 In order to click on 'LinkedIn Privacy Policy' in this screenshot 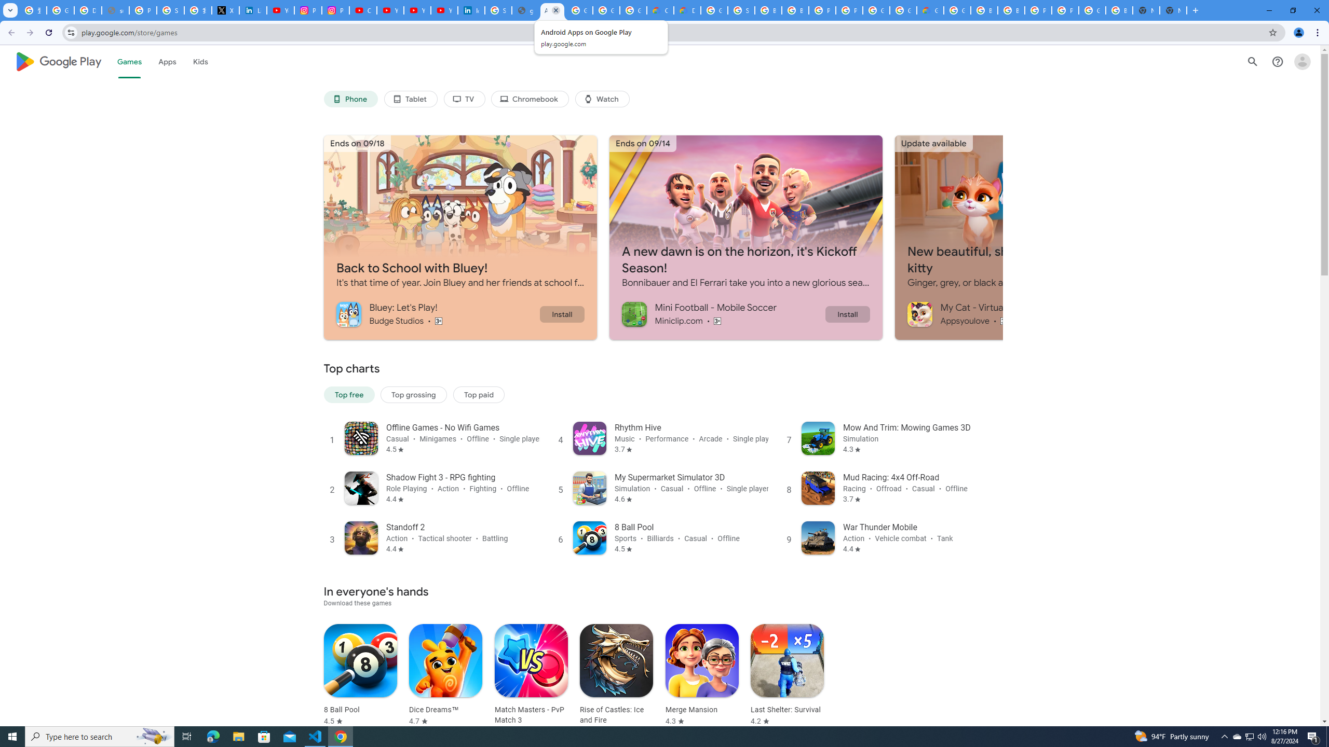, I will do `click(252, 10)`.